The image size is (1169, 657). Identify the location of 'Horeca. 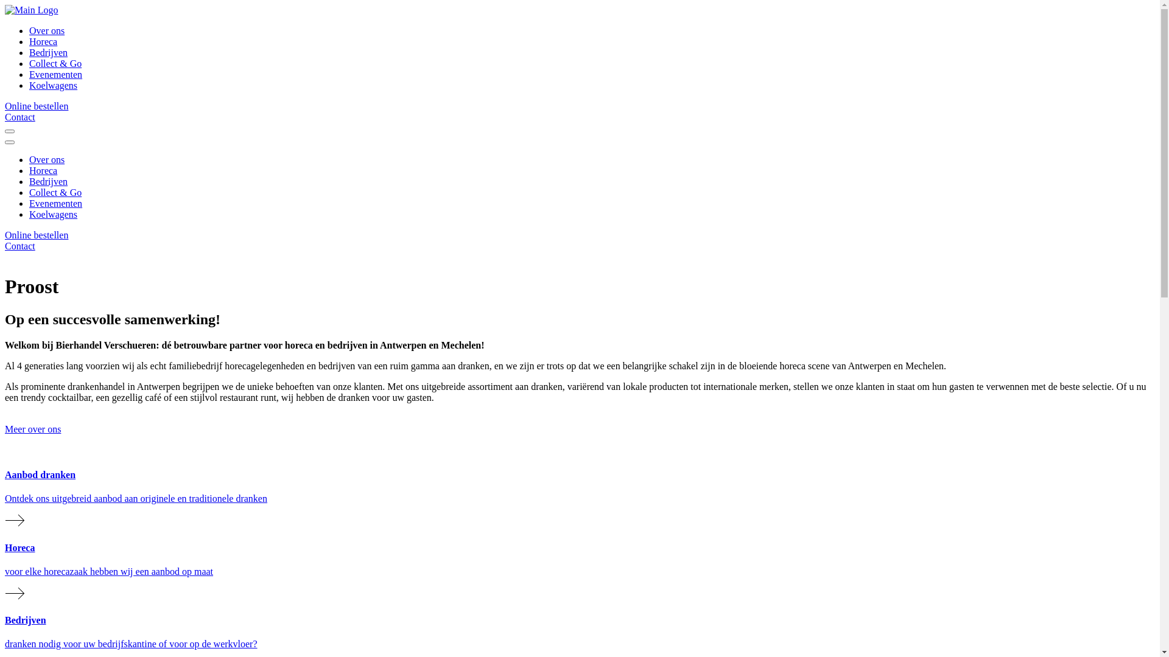
(5, 572).